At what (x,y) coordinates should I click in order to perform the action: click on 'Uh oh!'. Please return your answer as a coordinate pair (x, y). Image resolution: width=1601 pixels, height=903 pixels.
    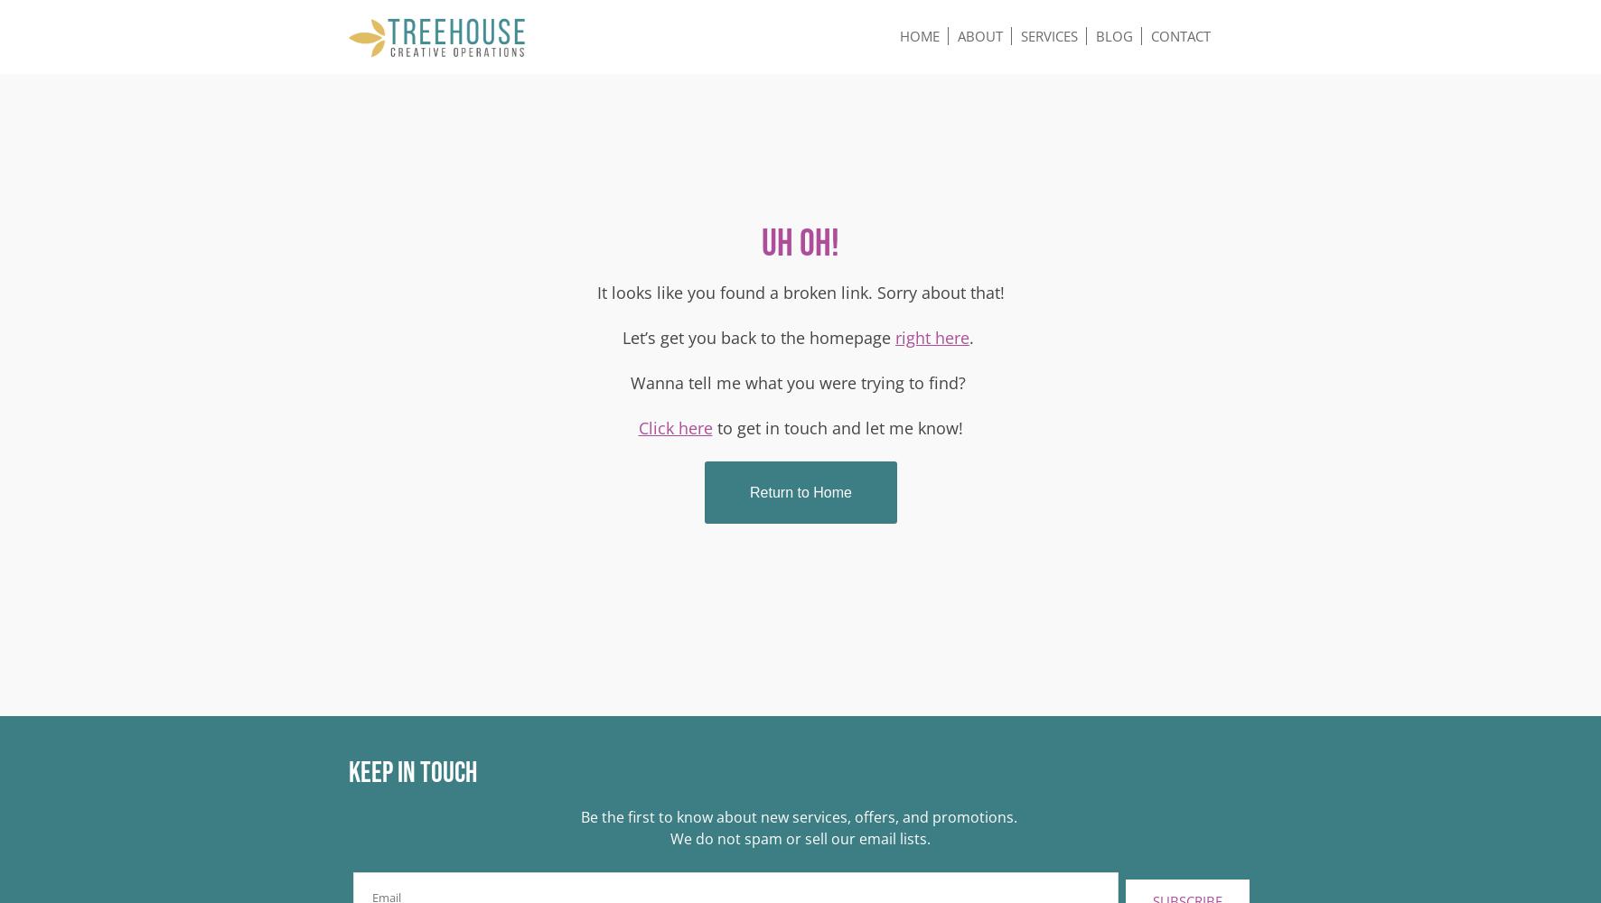
    Looking at the image, I should click on (800, 244).